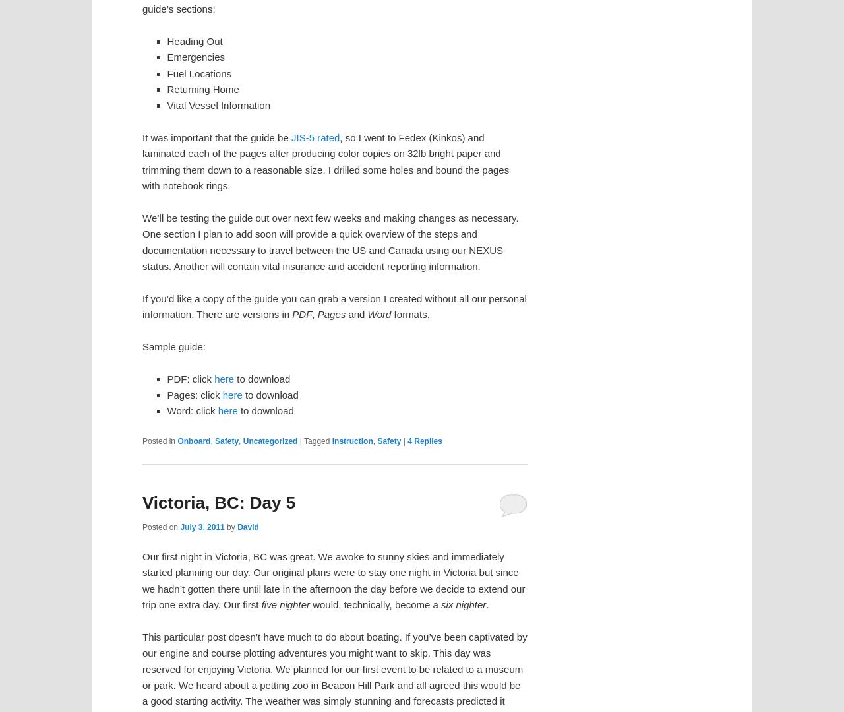 The height and width of the screenshot is (712, 844). I want to click on '4', so click(409, 441).